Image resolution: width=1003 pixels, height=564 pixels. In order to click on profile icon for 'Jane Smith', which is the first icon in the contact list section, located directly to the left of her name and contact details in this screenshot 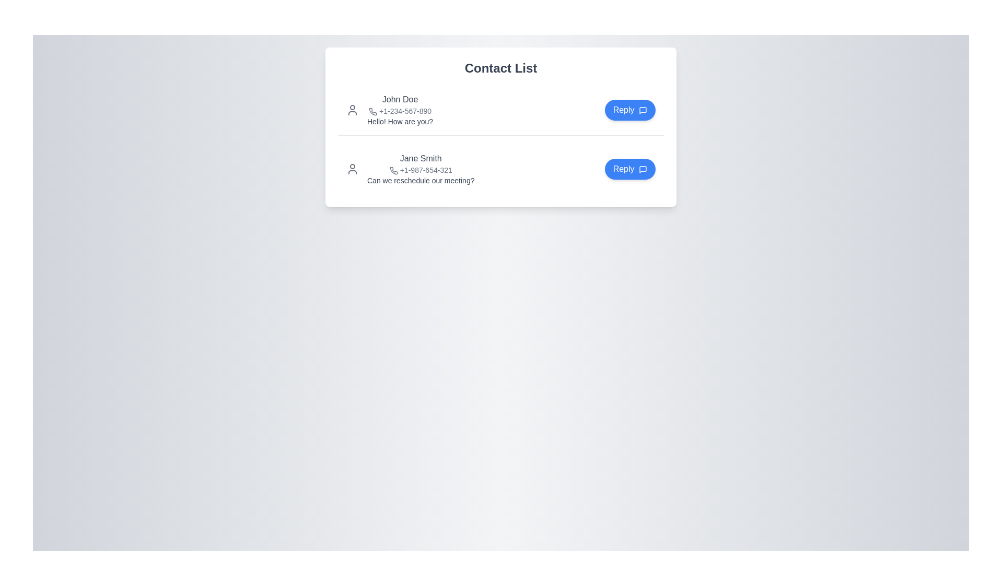, I will do `click(353, 169)`.